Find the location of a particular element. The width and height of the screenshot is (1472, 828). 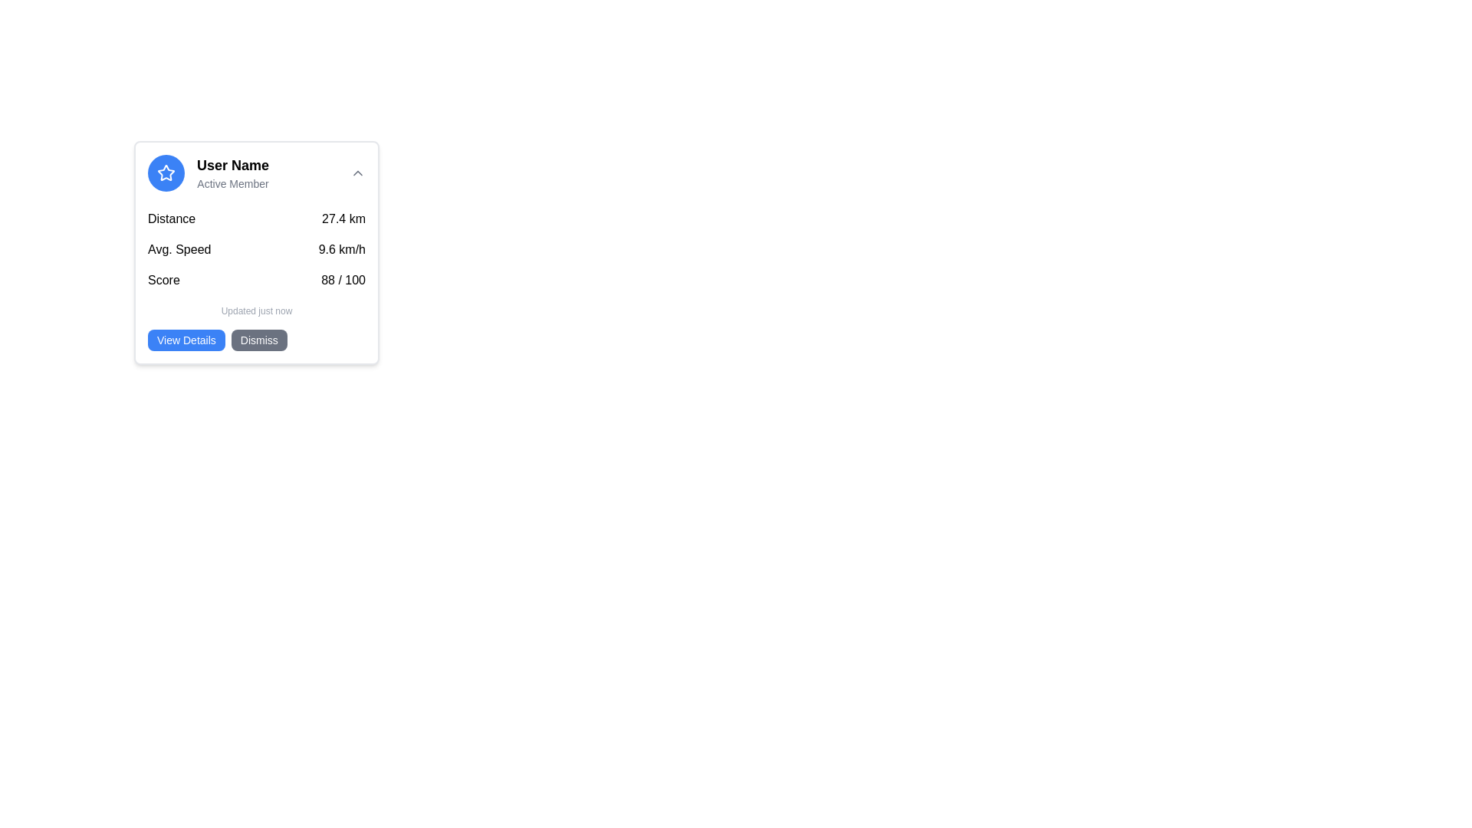

the 'Dismiss' button, which is a rectangular button with white text on a gray background, located to the right of the 'View Details' button at the bottom of a card-like component is located at coordinates (259, 339).